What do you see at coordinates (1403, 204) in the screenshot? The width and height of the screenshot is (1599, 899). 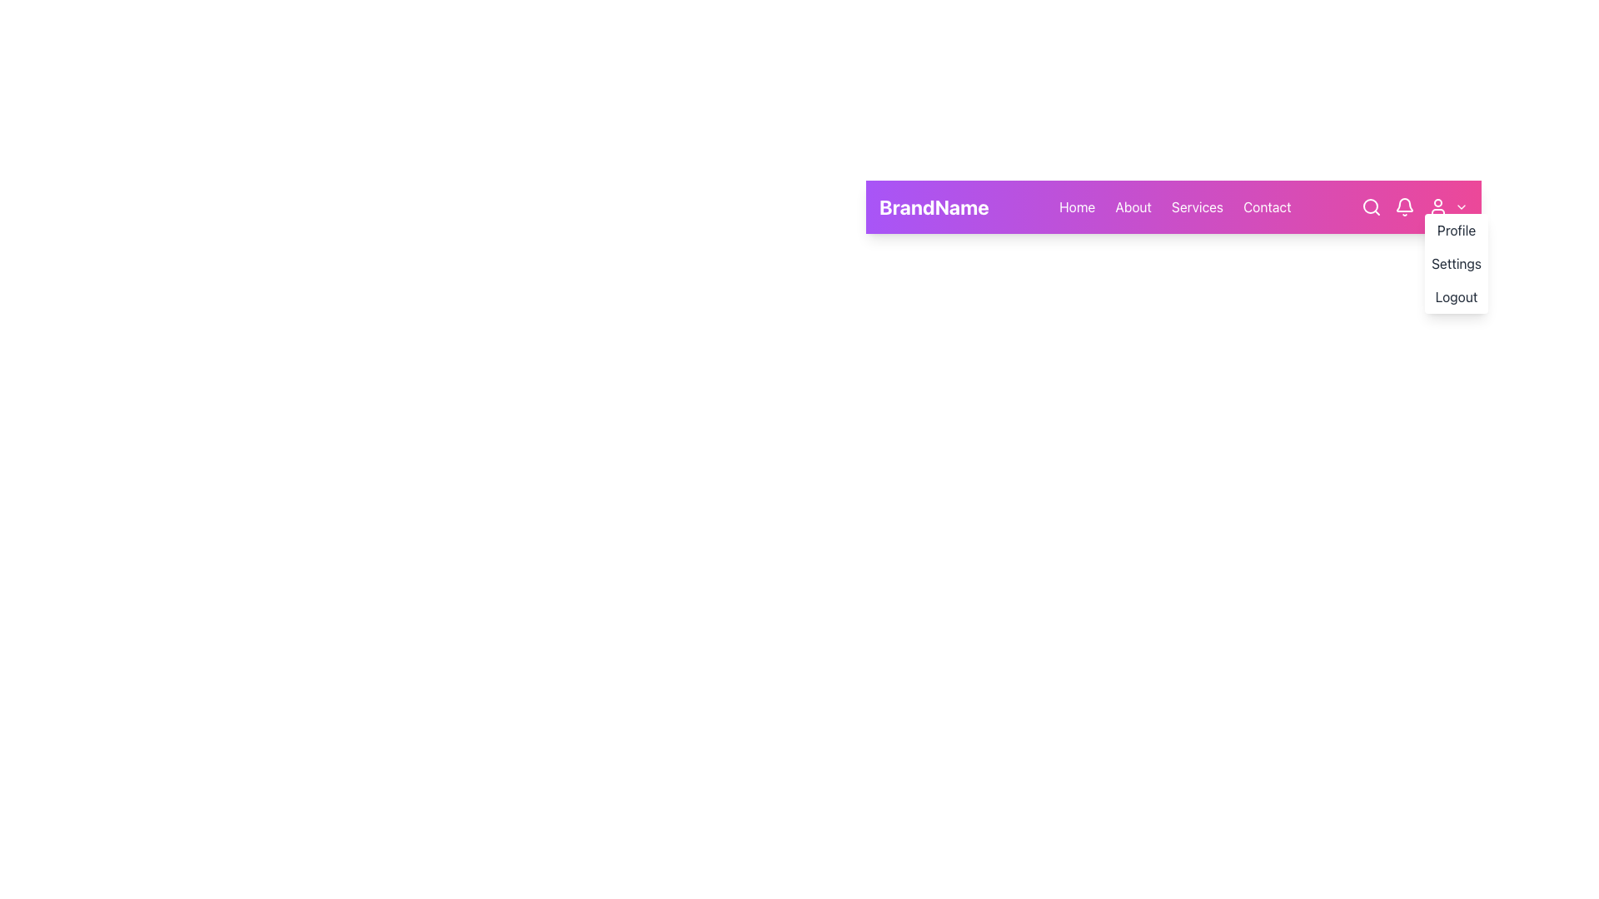 I see `the bell icon in the top-right corner of the navigation bar, which serves as a notification indicator for new messages and updates` at bounding box center [1403, 204].